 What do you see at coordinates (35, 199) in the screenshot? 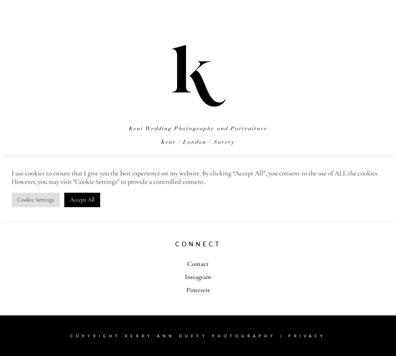
I see `'Cookie Settings'` at bounding box center [35, 199].